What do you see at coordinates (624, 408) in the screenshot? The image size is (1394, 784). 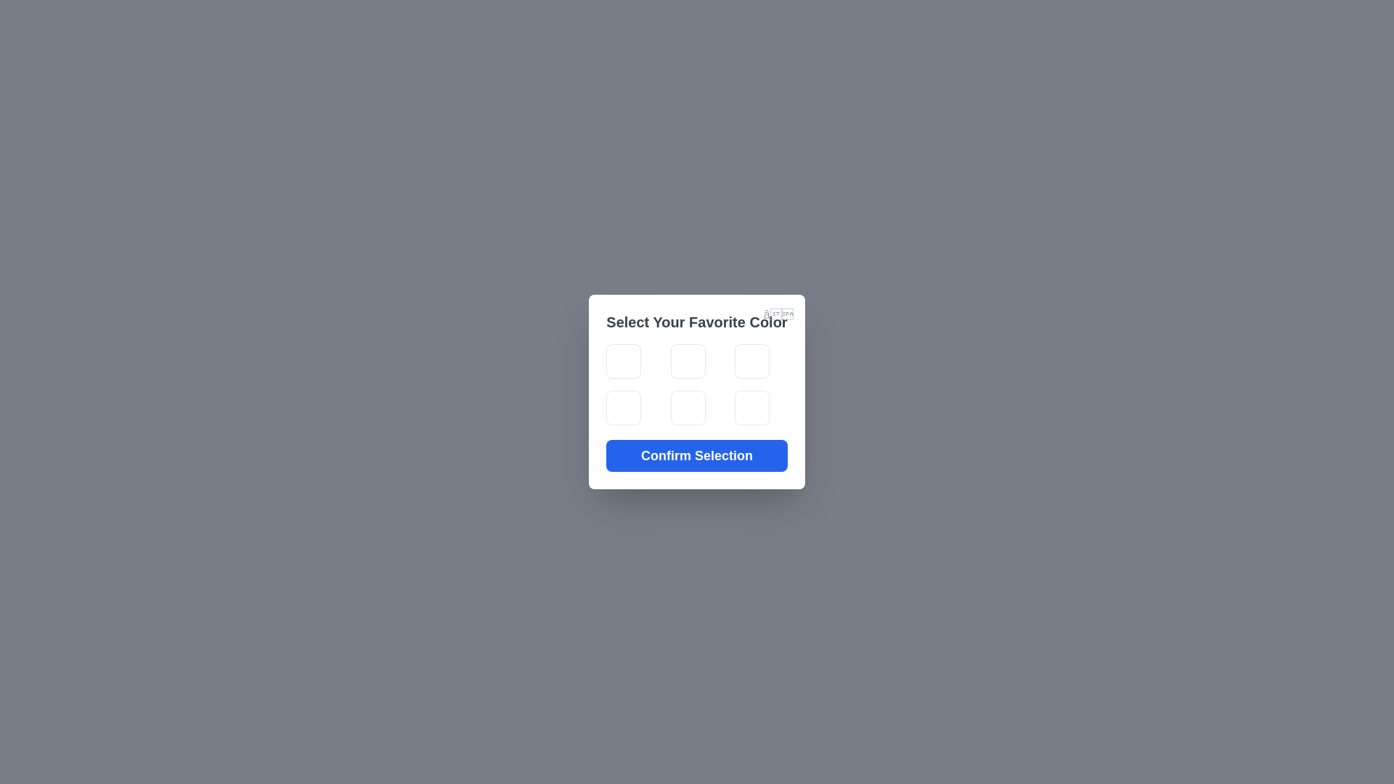 I see `the color tile corresponding to yellow` at bounding box center [624, 408].